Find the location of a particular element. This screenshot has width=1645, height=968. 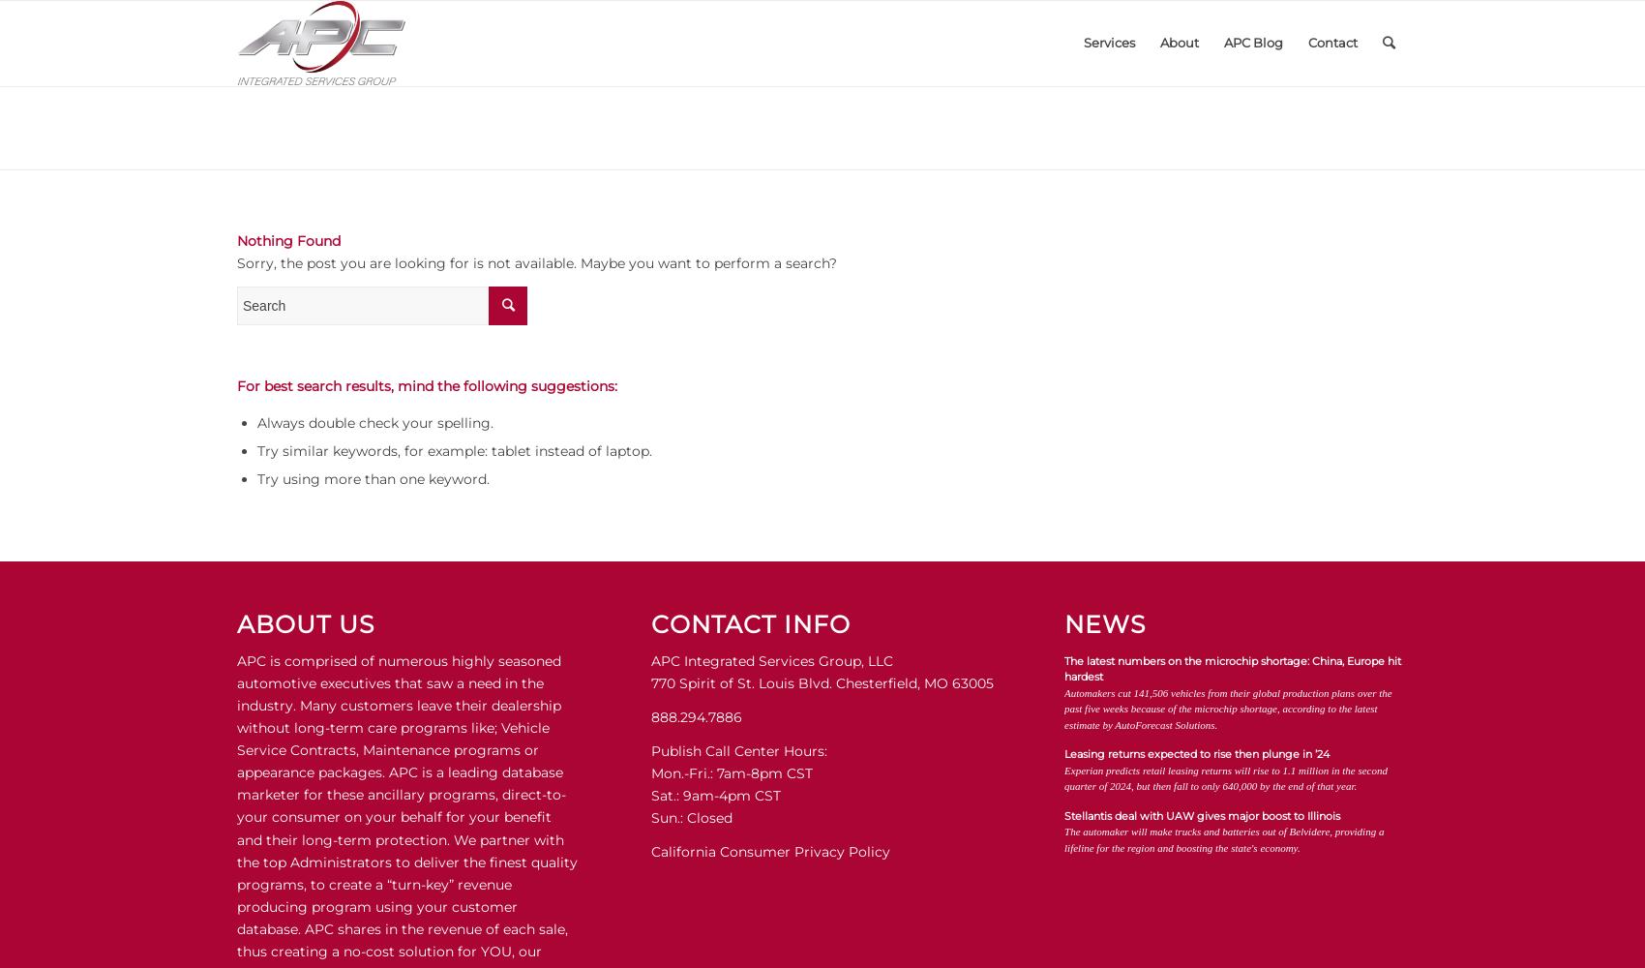

'Automakers cut 141,506 vehicles from their global production plans over the past five weeks because of the microchip shortage, according to the latest estimate by AutoForecast Solutions.' is located at coordinates (1227, 707).